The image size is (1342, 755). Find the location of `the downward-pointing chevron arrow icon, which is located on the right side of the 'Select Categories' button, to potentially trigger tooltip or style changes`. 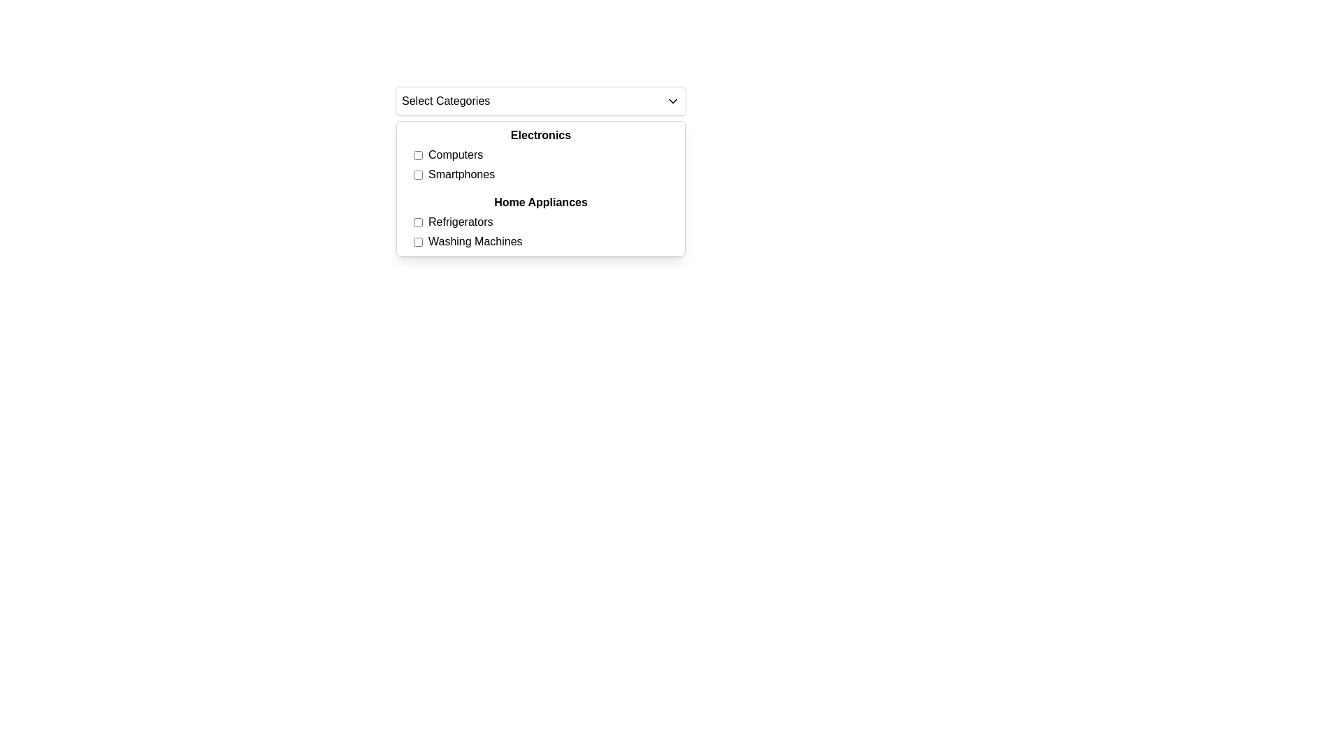

the downward-pointing chevron arrow icon, which is located on the right side of the 'Select Categories' button, to potentially trigger tooltip or style changes is located at coordinates (673, 101).